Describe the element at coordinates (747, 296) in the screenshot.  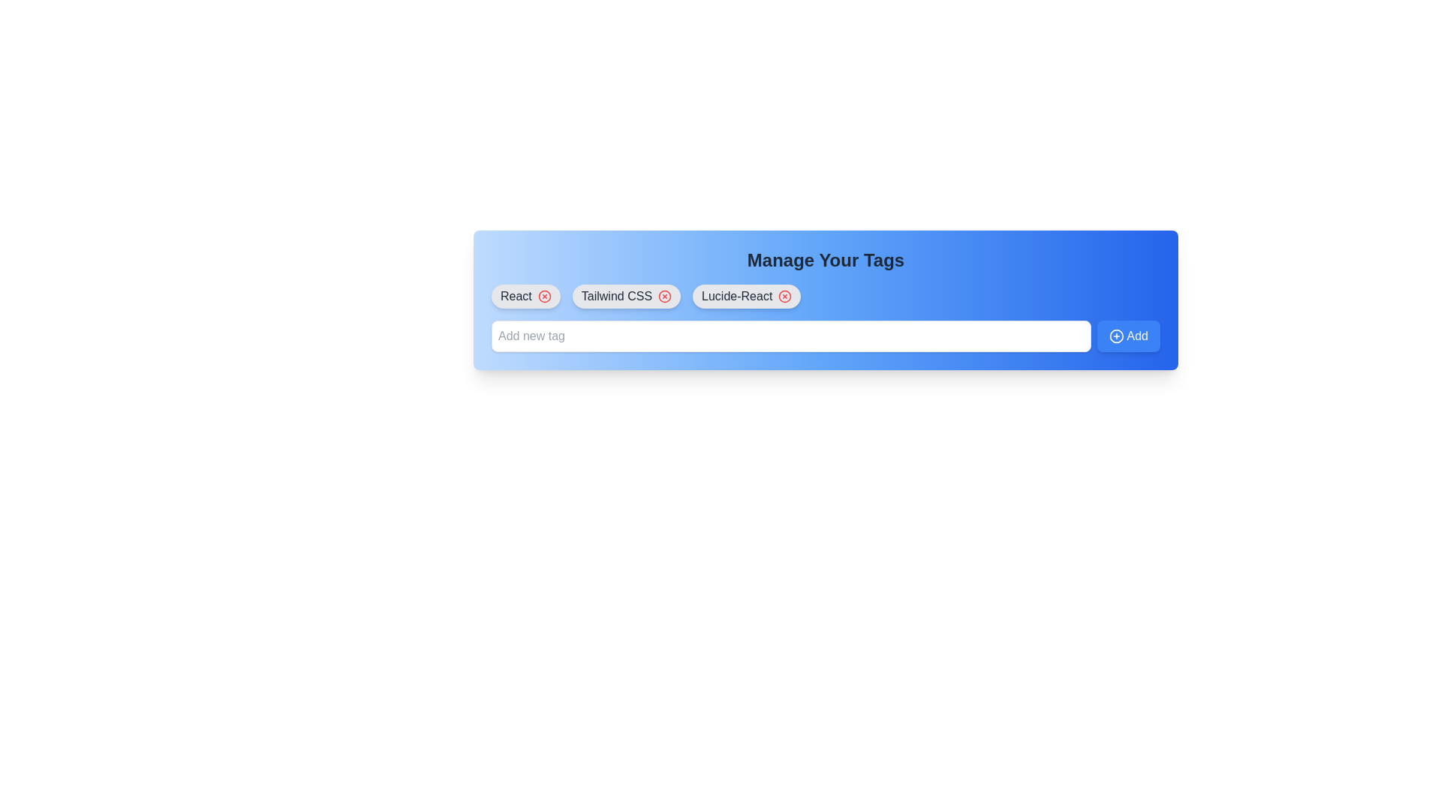
I see `the Tag with delete button labeled 'Lucide-React'` at that location.